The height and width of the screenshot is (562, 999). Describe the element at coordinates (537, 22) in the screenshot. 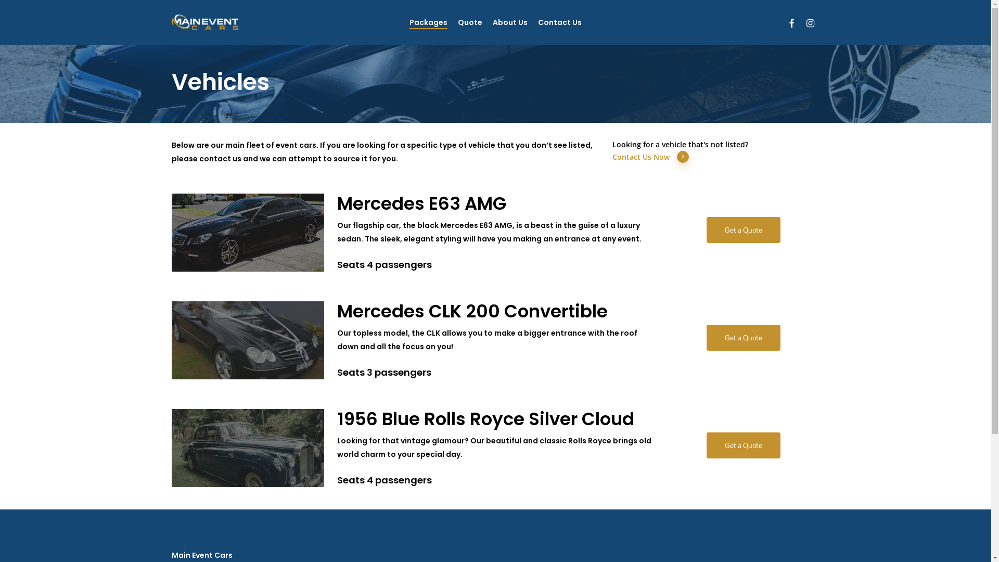

I see `'Contact Us'` at that location.